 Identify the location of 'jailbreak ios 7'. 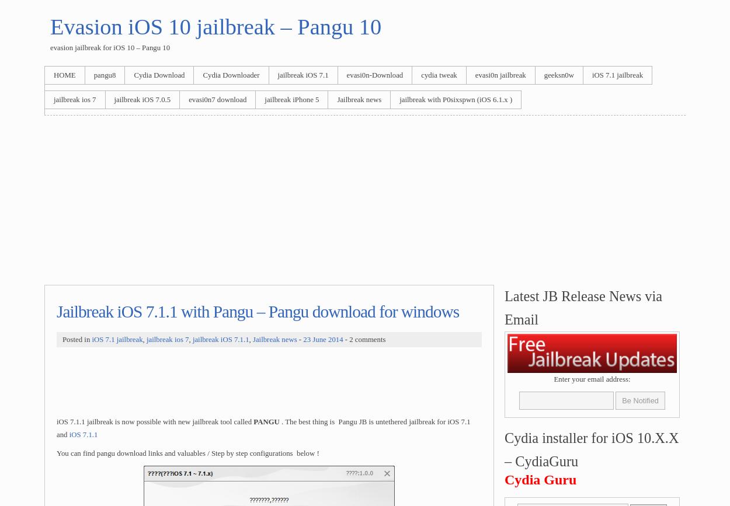
(167, 339).